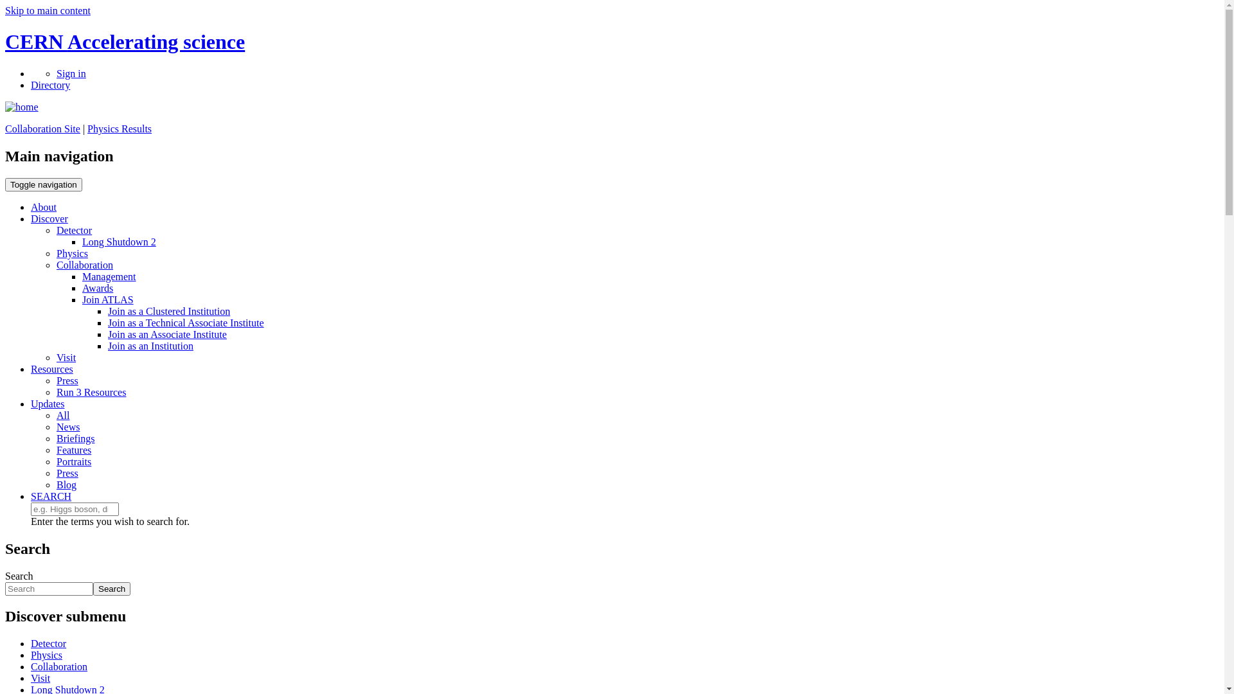 The height and width of the screenshot is (694, 1234). I want to click on 'Collaboration Site', so click(42, 129).